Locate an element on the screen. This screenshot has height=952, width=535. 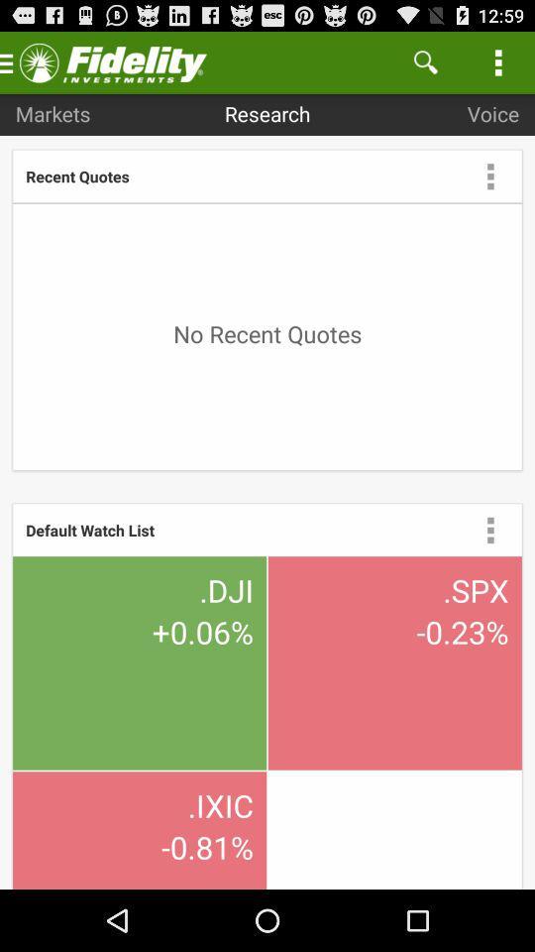
the more icon is located at coordinates (489, 567).